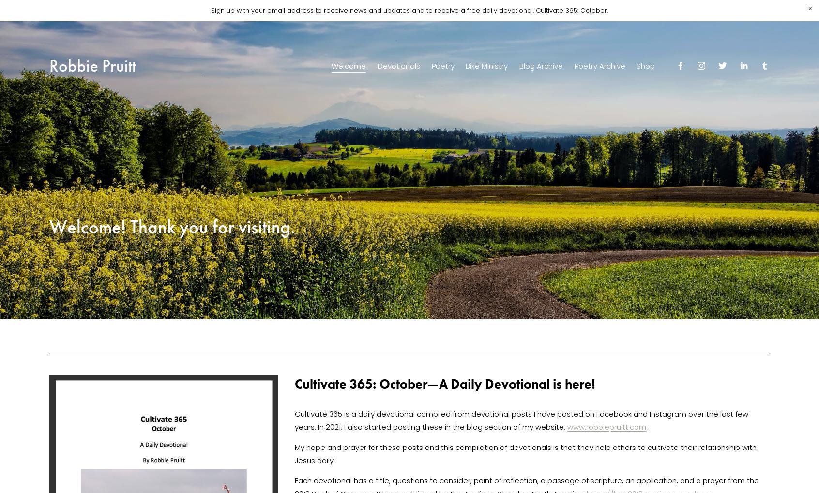 The width and height of the screenshot is (819, 493). What do you see at coordinates (445, 383) in the screenshot?
I see `'Cultivate 365: October—A Daily Devotional is here!'` at bounding box center [445, 383].